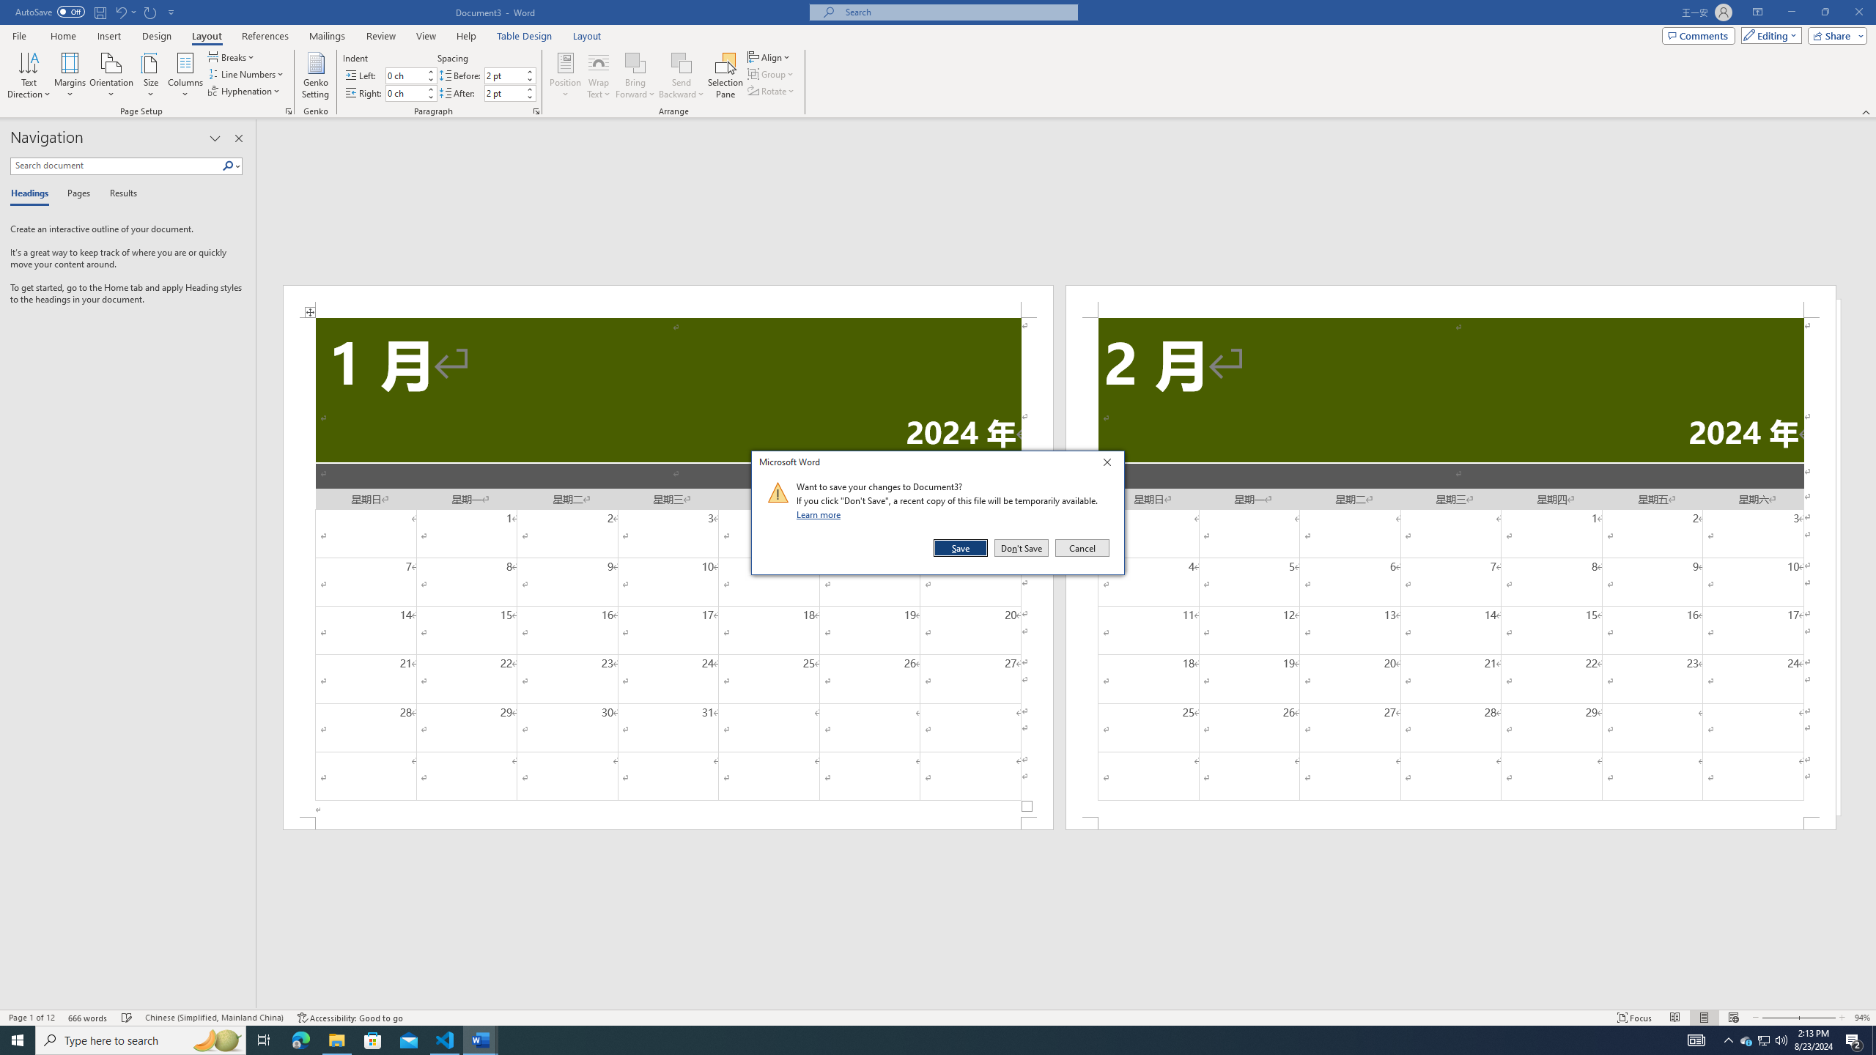 Image resolution: width=1876 pixels, height=1055 pixels. Describe the element at coordinates (51, 11) in the screenshot. I see `'AutoSave'` at that location.